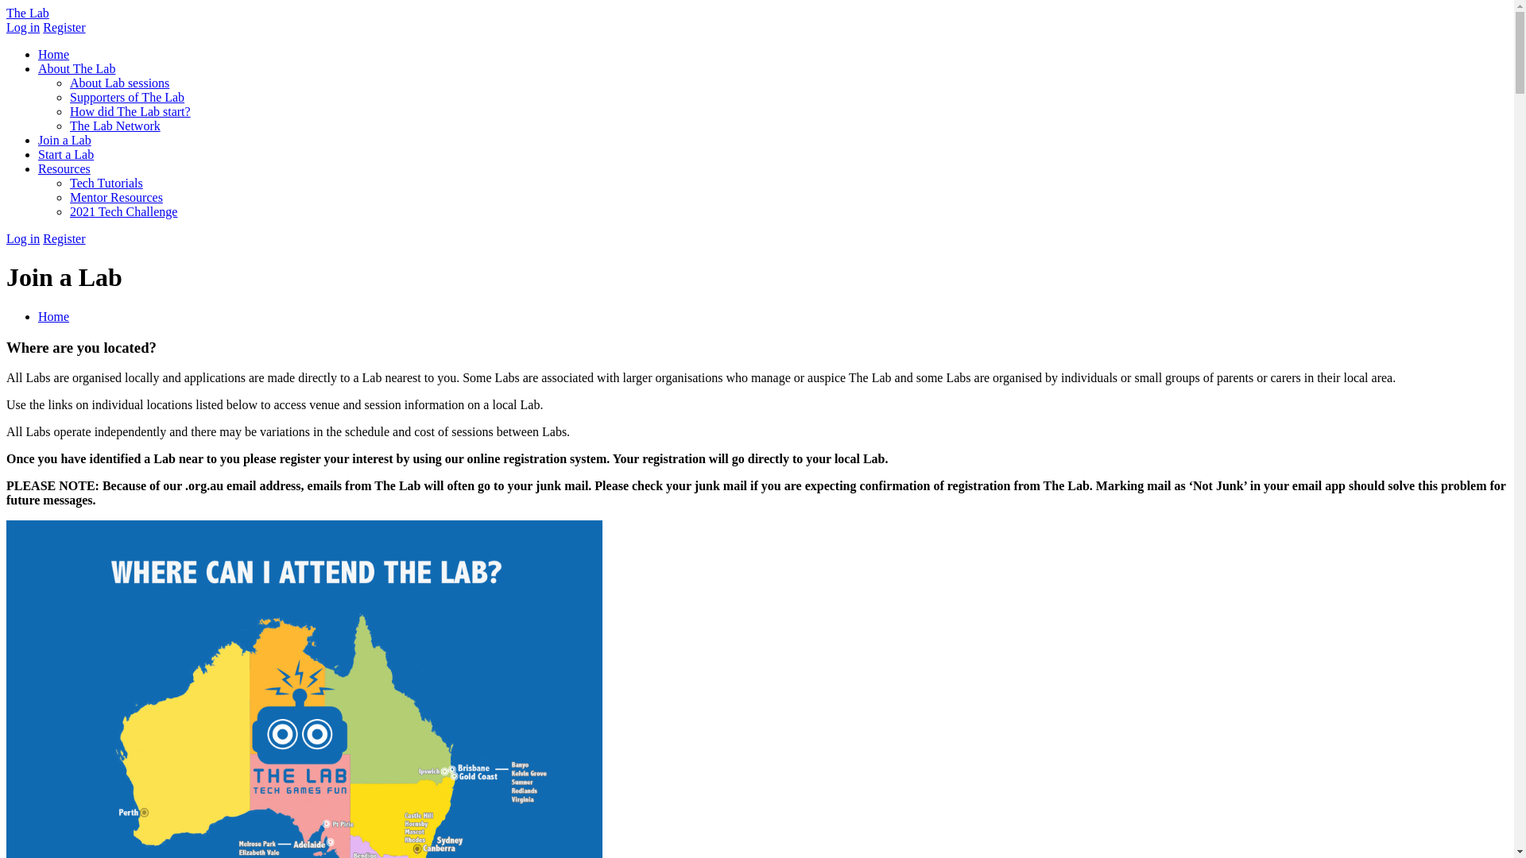 Image resolution: width=1526 pixels, height=858 pixels. Describe the element at coordinates (126, 97) in the screenshot. I see `'Supporters of The Lab'` at that location.